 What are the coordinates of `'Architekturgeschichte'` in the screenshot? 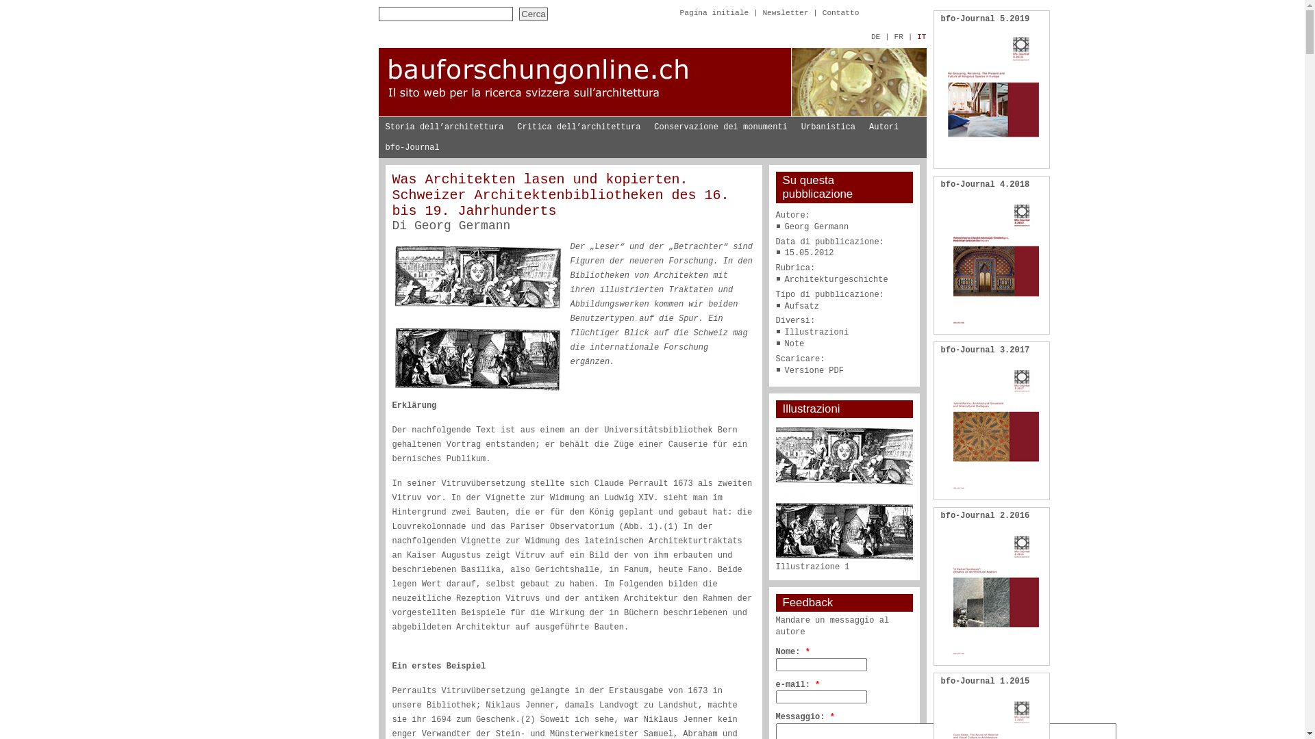 It's located at (836, 278).